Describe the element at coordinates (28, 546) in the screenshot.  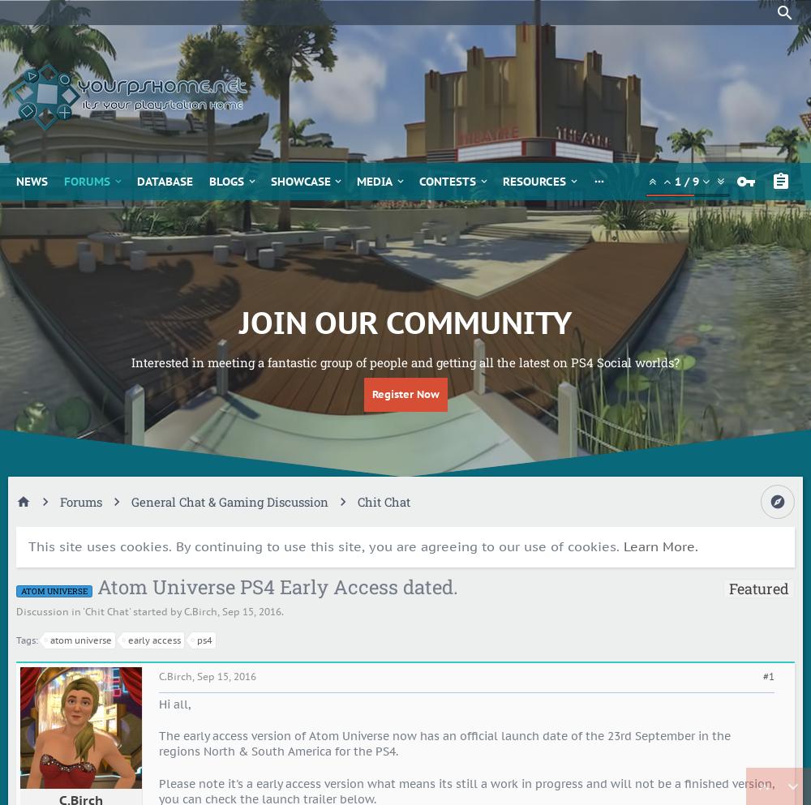
I see `'This site uses cookies. By continuing to use this site, you are agreeing to our use of cookies.'` at that location.